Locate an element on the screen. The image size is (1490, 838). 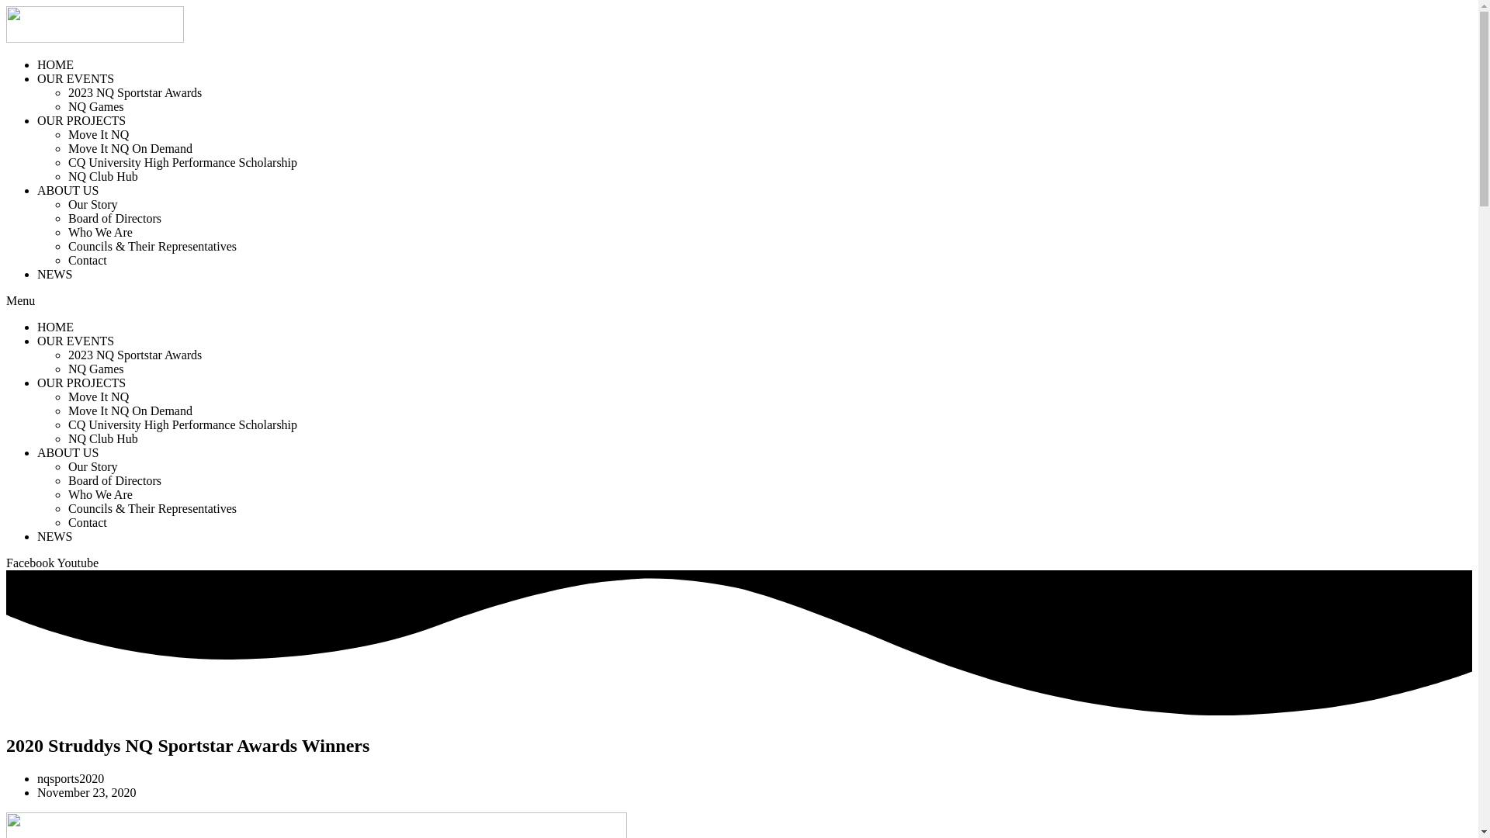
'Who We Are' is located at coordinates (99, 494).